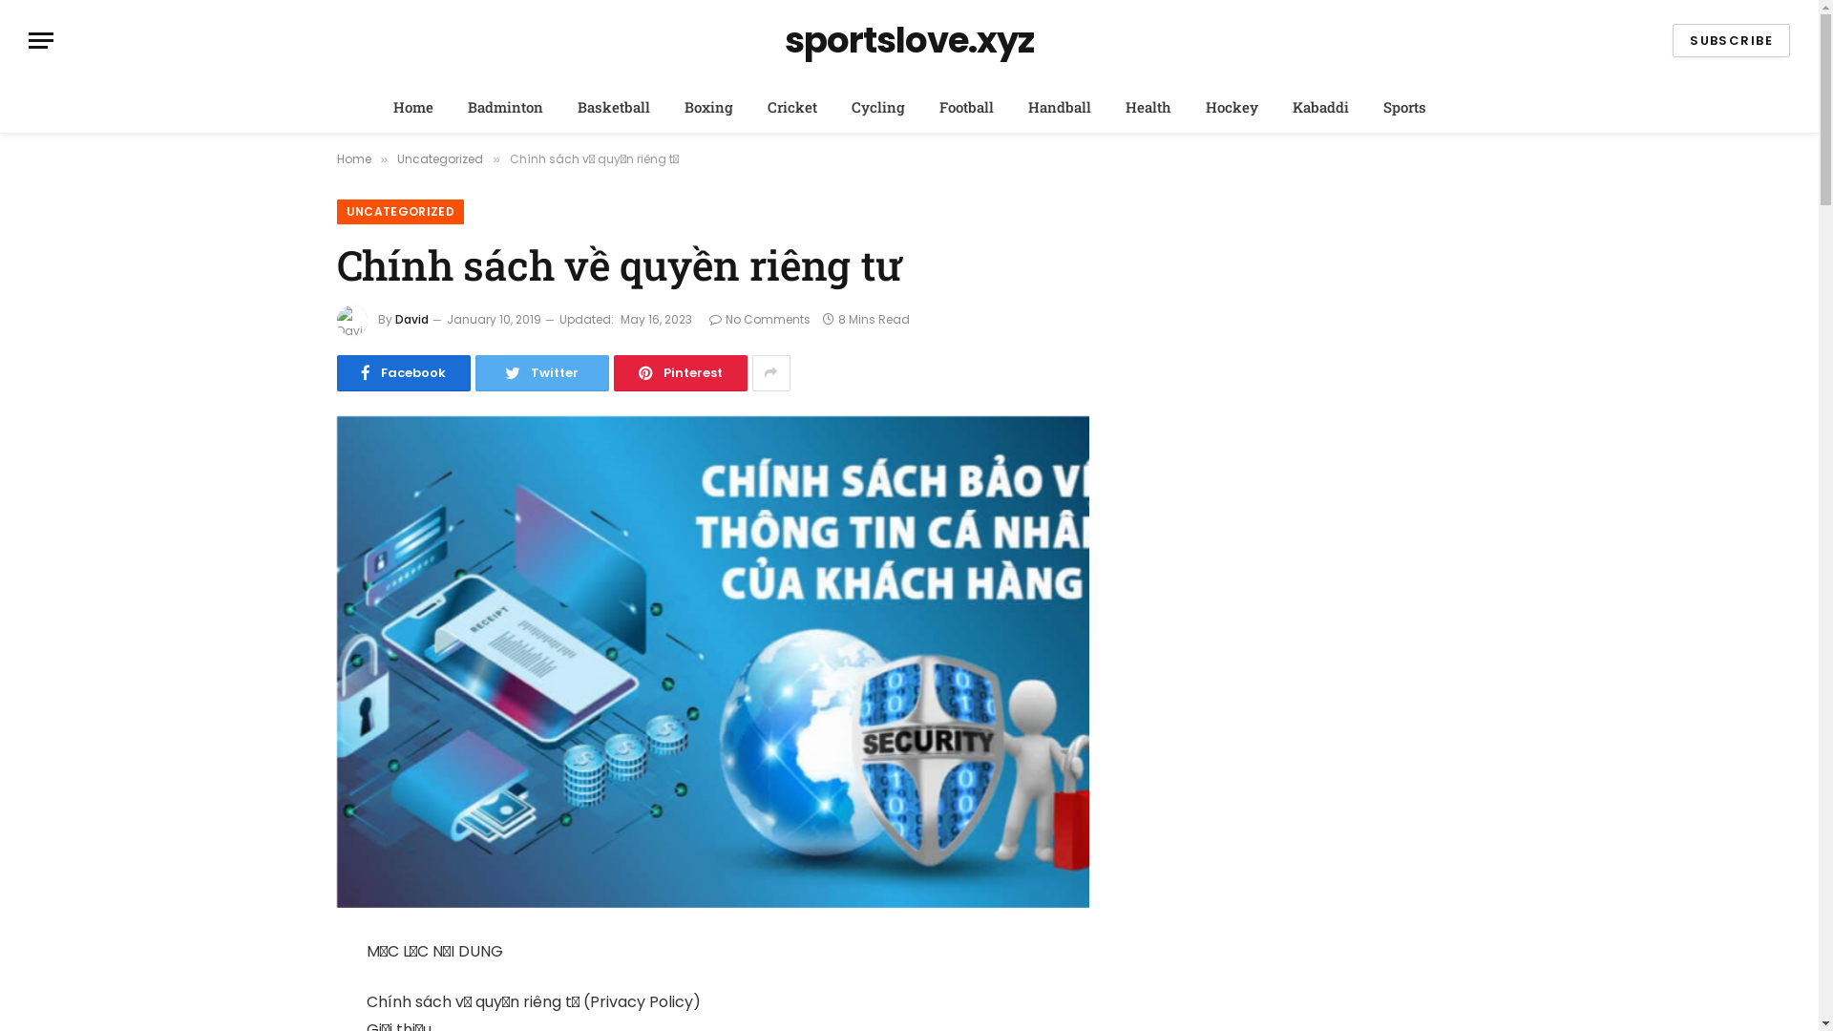 This screenshot has width=1833, height=1031. What do you see at coordinates (1319, 106) in the screenshot?
I see `'Kabaddi'` at bounding box center [1319, 106].